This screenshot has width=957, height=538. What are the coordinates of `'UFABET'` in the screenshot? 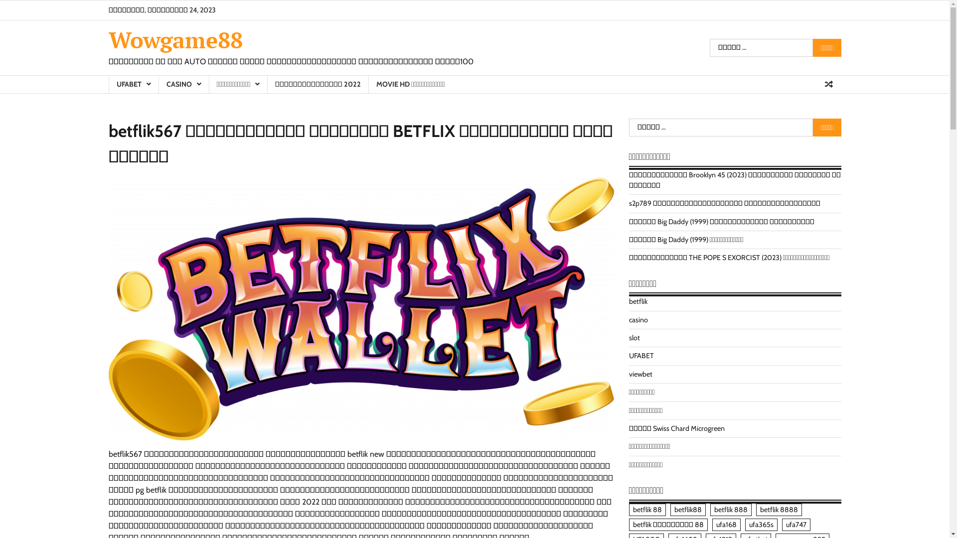 It's located at (108, 84).